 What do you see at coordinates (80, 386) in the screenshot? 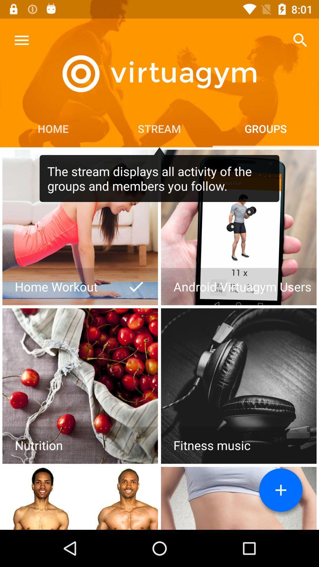
I see `oopen nutrition web page` at bounding box center [80, 386].